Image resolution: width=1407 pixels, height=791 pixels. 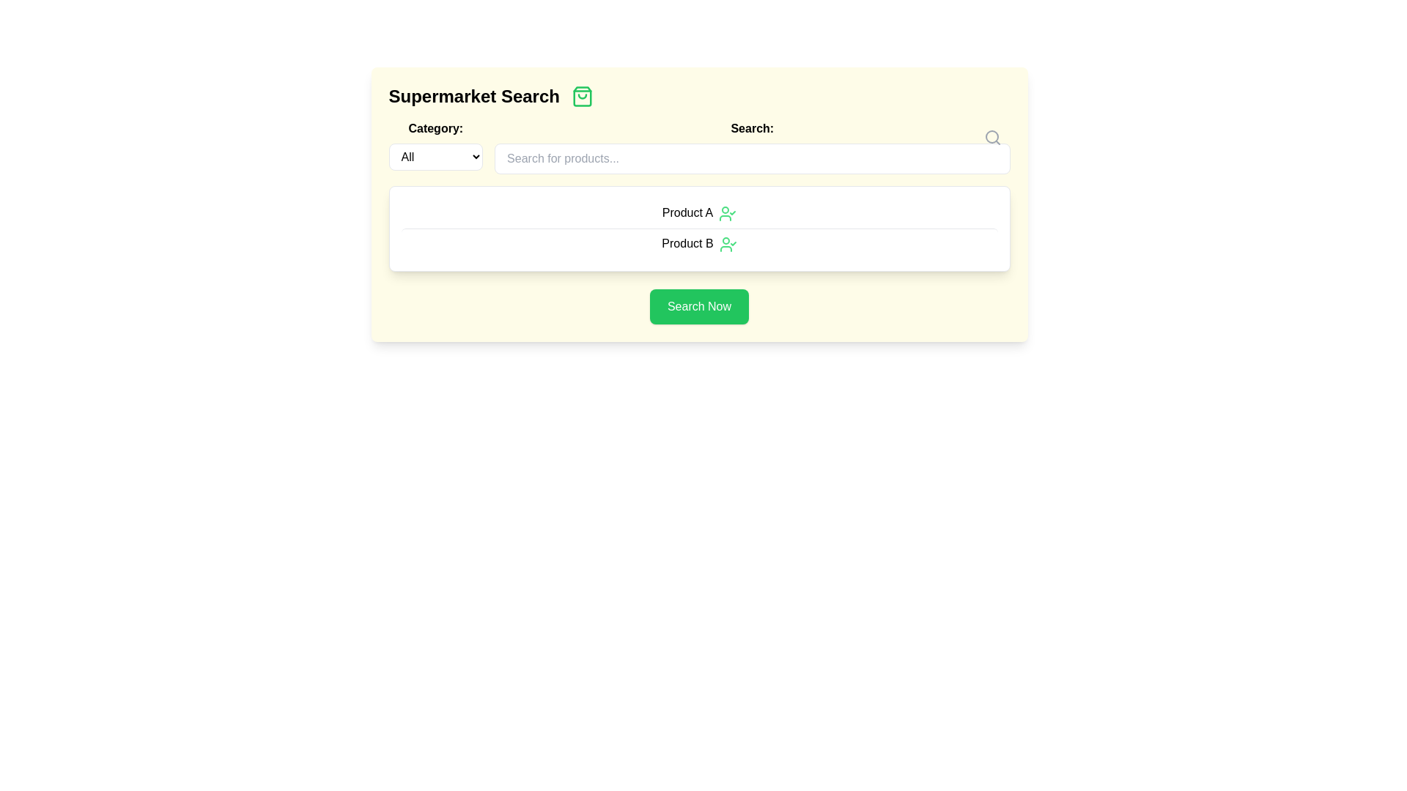 What do you see at coordinates (992, 138) in the screenshot?
I see `the informational search icon located in the top-right corner of the search input field labeled 'Search:' to receive additional visual feedback` at bounding box center [992, 138].